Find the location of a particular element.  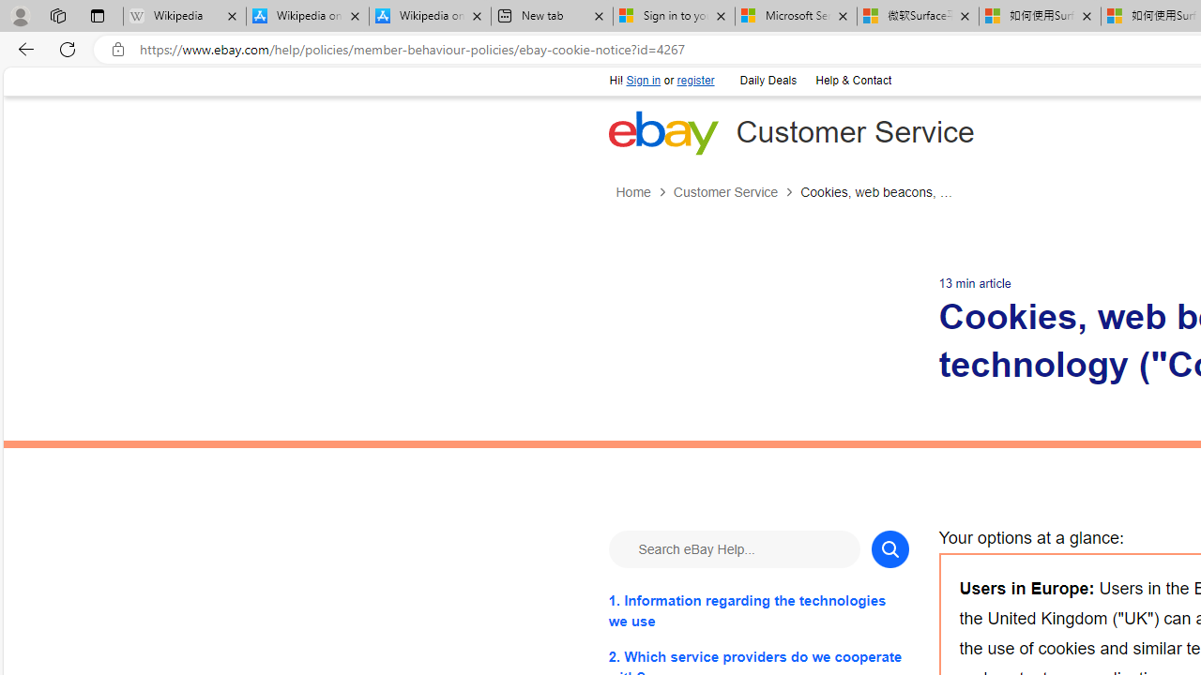

'Sign in' is located at coordinates (644, 80).